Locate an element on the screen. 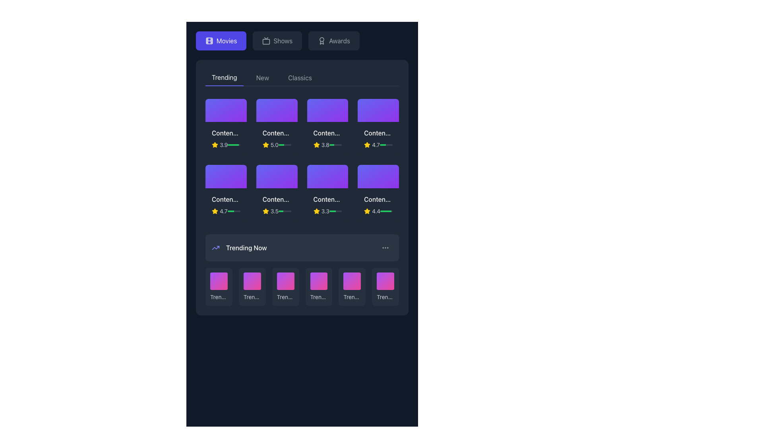 The height and width of the screenshot is (429, 763). the Rating Icon that visually represents a star-based score, located at the bottom-left corner of the second row of content cards is located at coordinates (215, 211).